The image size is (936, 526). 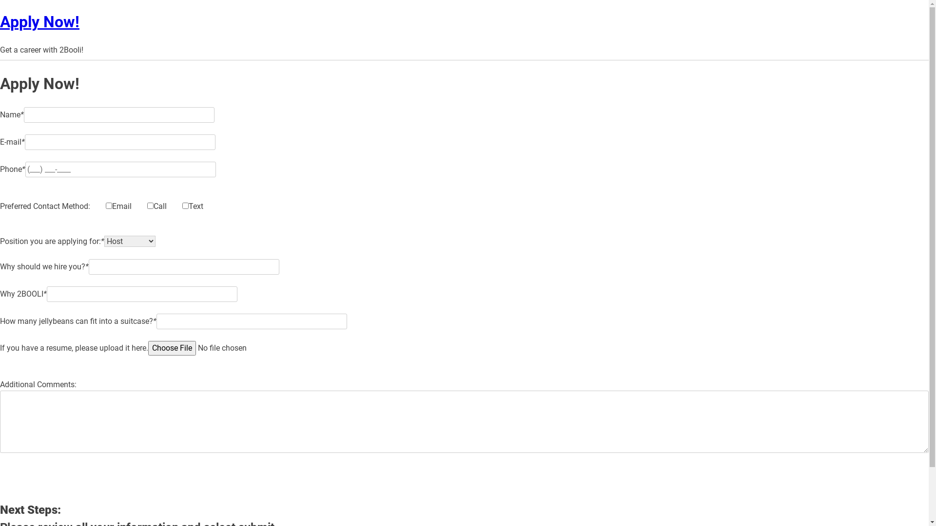 I want to click on 'Apply Now!', so click(x=0, y=22).